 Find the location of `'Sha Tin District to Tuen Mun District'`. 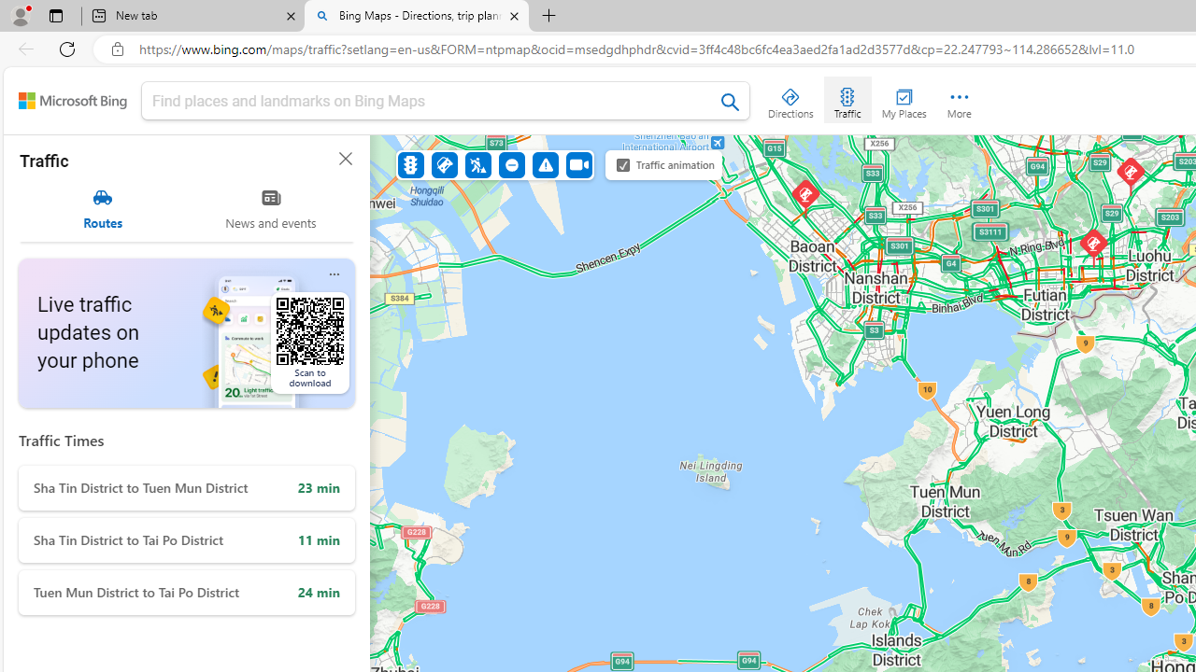

'Sha Tin District to Tuen Mun District' is located at coordinates (187, 487).